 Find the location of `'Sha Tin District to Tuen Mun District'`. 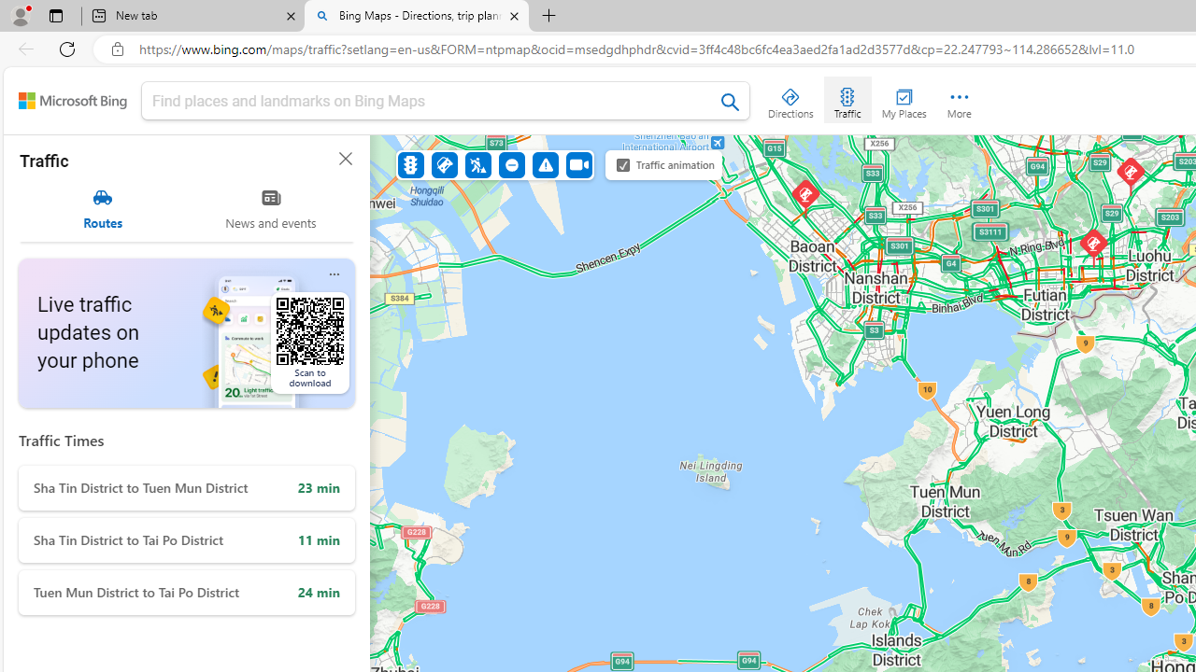

'Sha Tin District to Tuen Mun District' is located at coordinates (187, 487).